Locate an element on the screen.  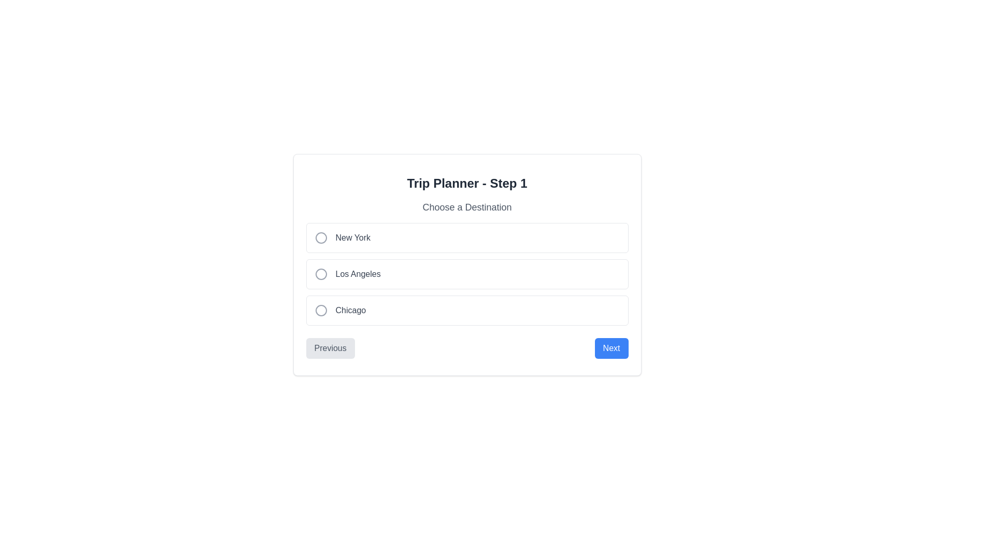
the circular visual decoration of the radio button associated with the 'Chicago' option, which is the third item in the list of destinations is located at coordinates (320, 310).